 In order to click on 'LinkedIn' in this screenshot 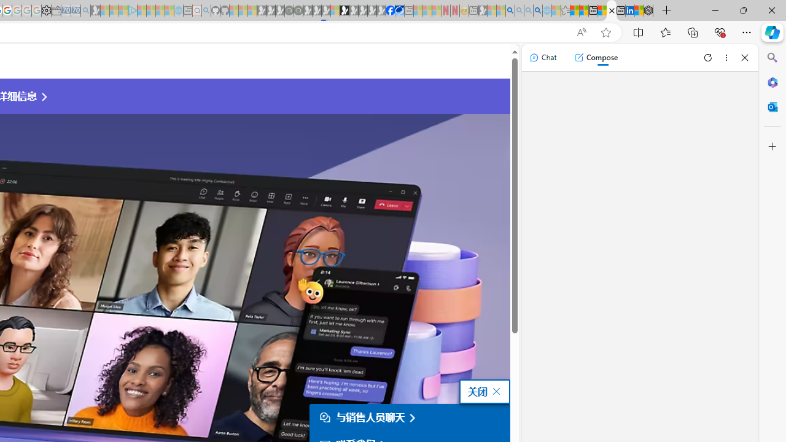, I will do `click(629, 10)`.